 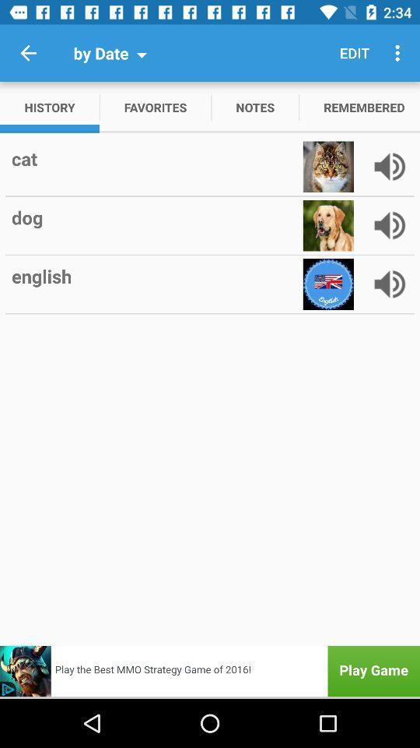 I want to click on icon to the left of remembered item, so click(x=255, y=106).